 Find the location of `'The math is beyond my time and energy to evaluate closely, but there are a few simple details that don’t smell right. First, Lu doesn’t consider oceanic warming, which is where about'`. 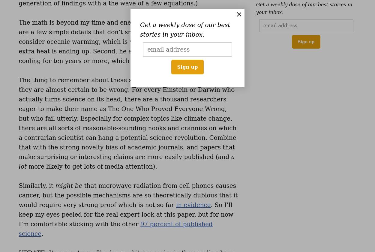

'The math is beyond my time and energy to evaluate closely, but there are a few simple details that don’t smell right. First, Lu doesn’t consider oceanic warming, which is where about' is located at coordinates (124, 32).